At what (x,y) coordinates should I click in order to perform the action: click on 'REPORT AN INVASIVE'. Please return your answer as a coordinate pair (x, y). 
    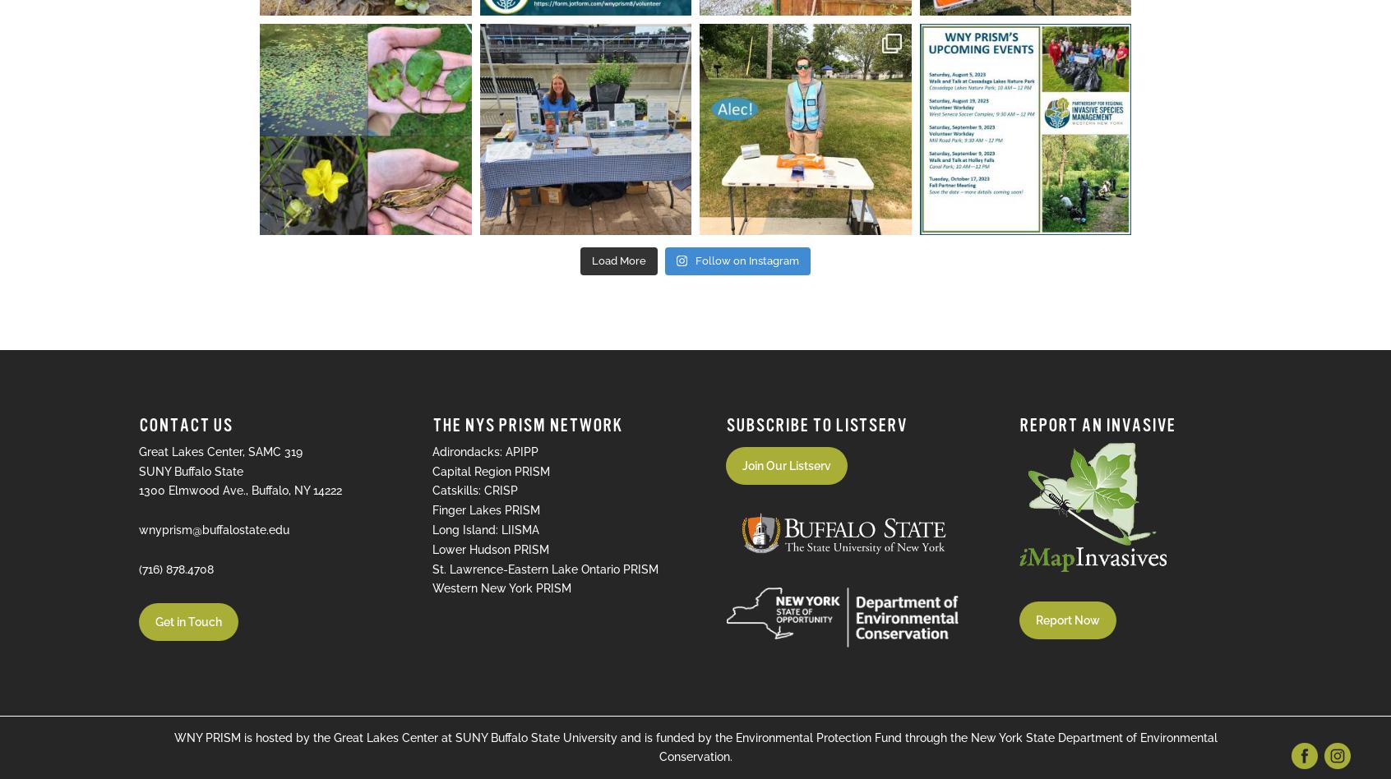
    Looking at the image, I should click on (1096, 424).